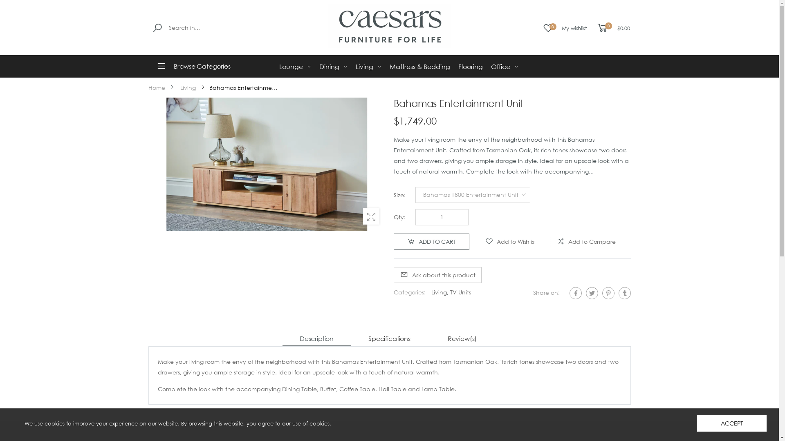 The width and height of the screenshot is (785, 441). Describe the element at coordinates (441, 217) in the screenshot. I see `'Qty'` at that location.